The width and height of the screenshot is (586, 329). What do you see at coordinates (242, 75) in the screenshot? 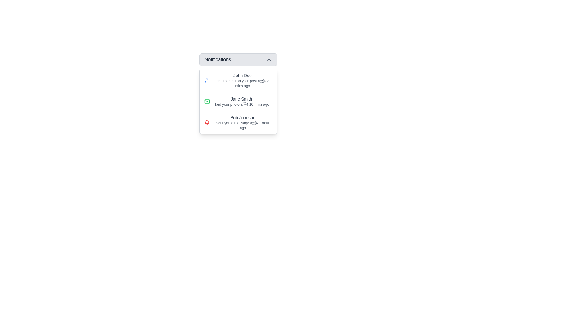
I see `the text label identifying 'John Doe' in the notification dropdown, which is the first line of text in the notification message` at bounding box center [242, 75].